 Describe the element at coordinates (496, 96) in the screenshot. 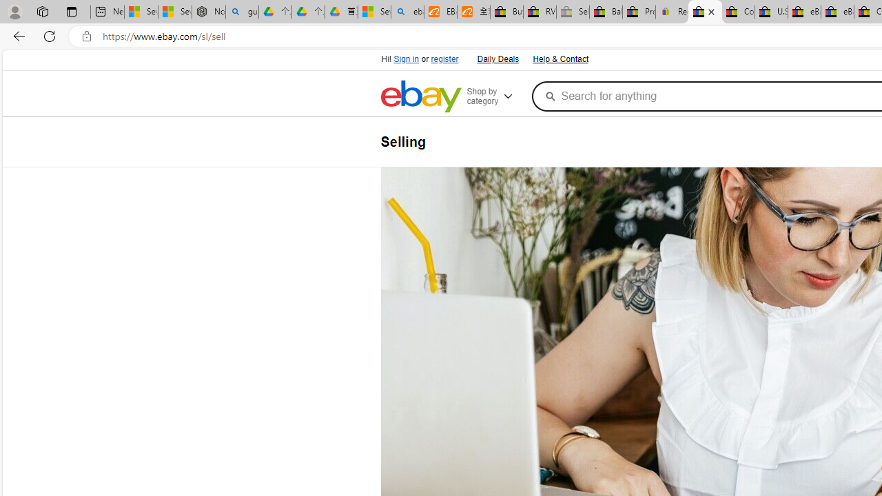

I see `'Shop by category'` at that location.